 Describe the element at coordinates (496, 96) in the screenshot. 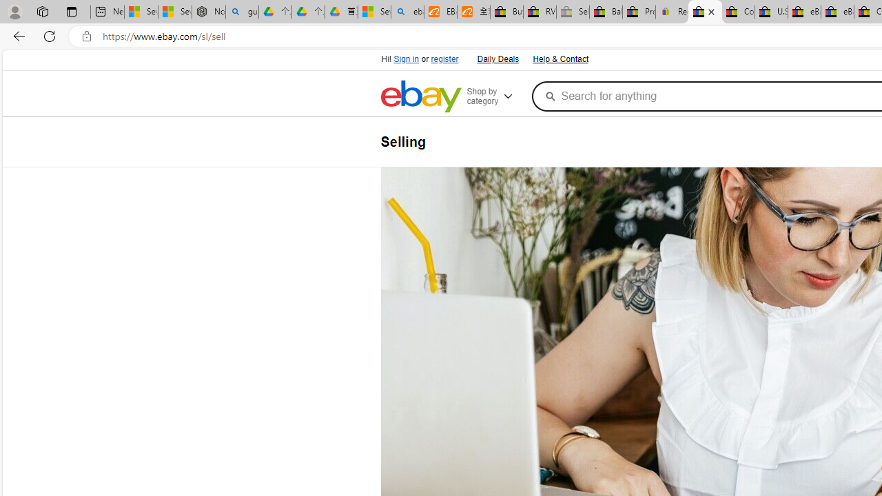

I see `'Shop by category'` at that location.